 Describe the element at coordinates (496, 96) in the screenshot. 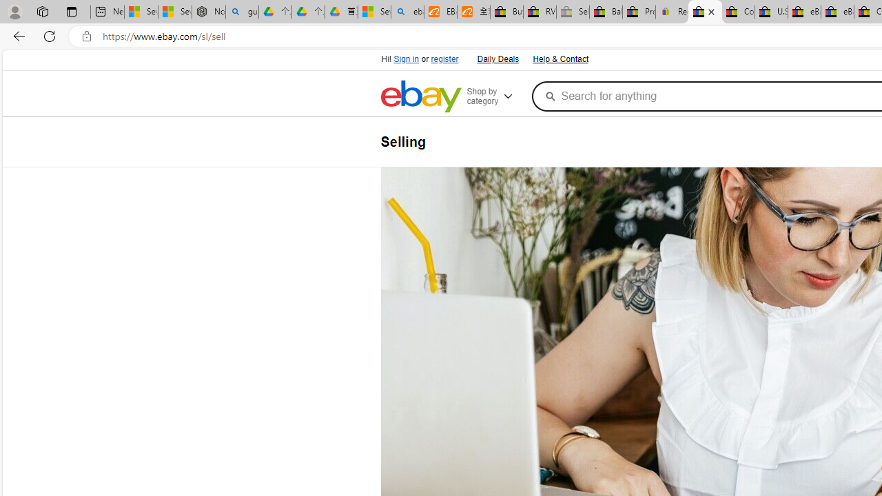

I see `'Shop by category'` at that location.